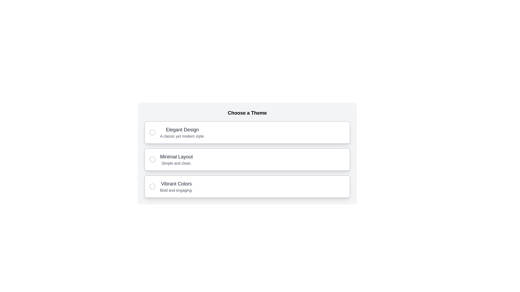  I want to click on the text label that serves as a title for a selectable option within a list of choices, so click(176, 157).